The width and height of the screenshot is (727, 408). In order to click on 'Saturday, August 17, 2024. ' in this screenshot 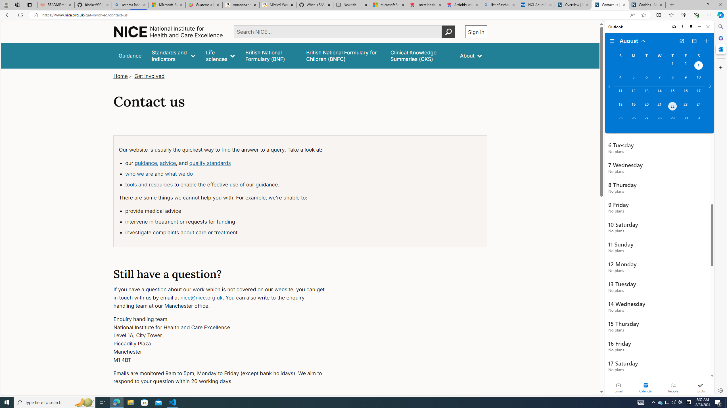, I will do `click(698, 93)`.